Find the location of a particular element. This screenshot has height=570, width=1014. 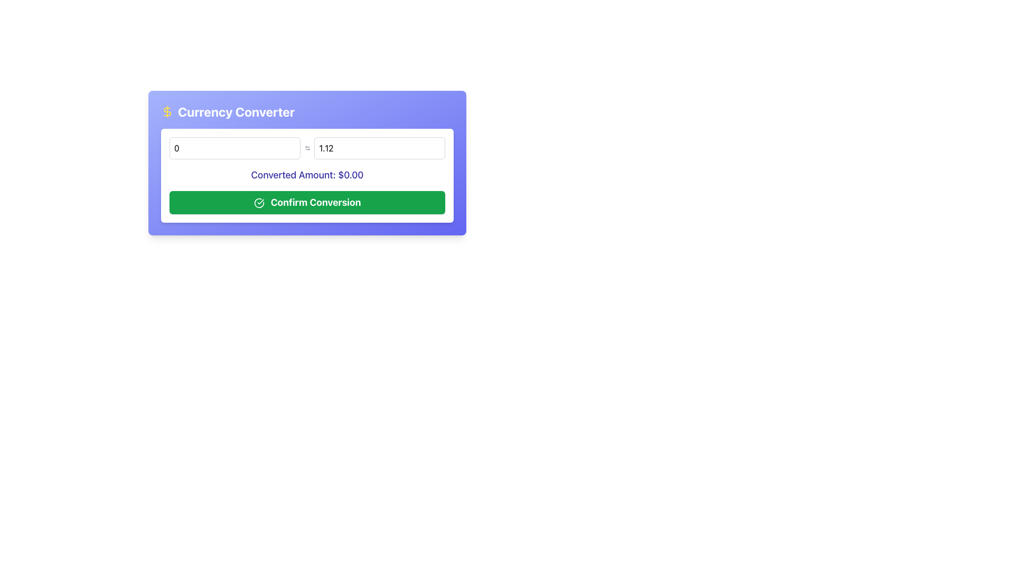

the Static Text element that displays the calculated converted amount, located below the input fields for 'Amount in USD' and 'Conversion Rate', and above the 'Confirm Conversion' button is located at coordinates (306, 174).